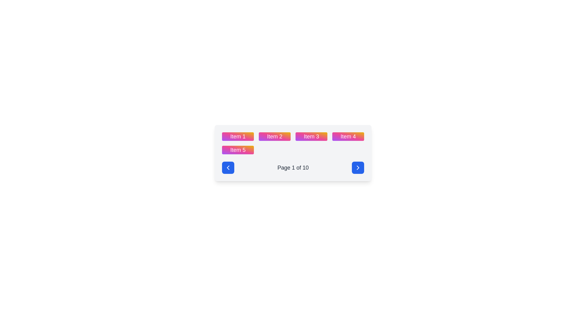  What do you see at coordinates (274, 136) in the screenshot?
I see `the button labeled 'Item 2', which is the second button in a row of five buttons in a grid layout, positioned between 'Item 1' and 'Item 3'` at bounding box center [274, 136].